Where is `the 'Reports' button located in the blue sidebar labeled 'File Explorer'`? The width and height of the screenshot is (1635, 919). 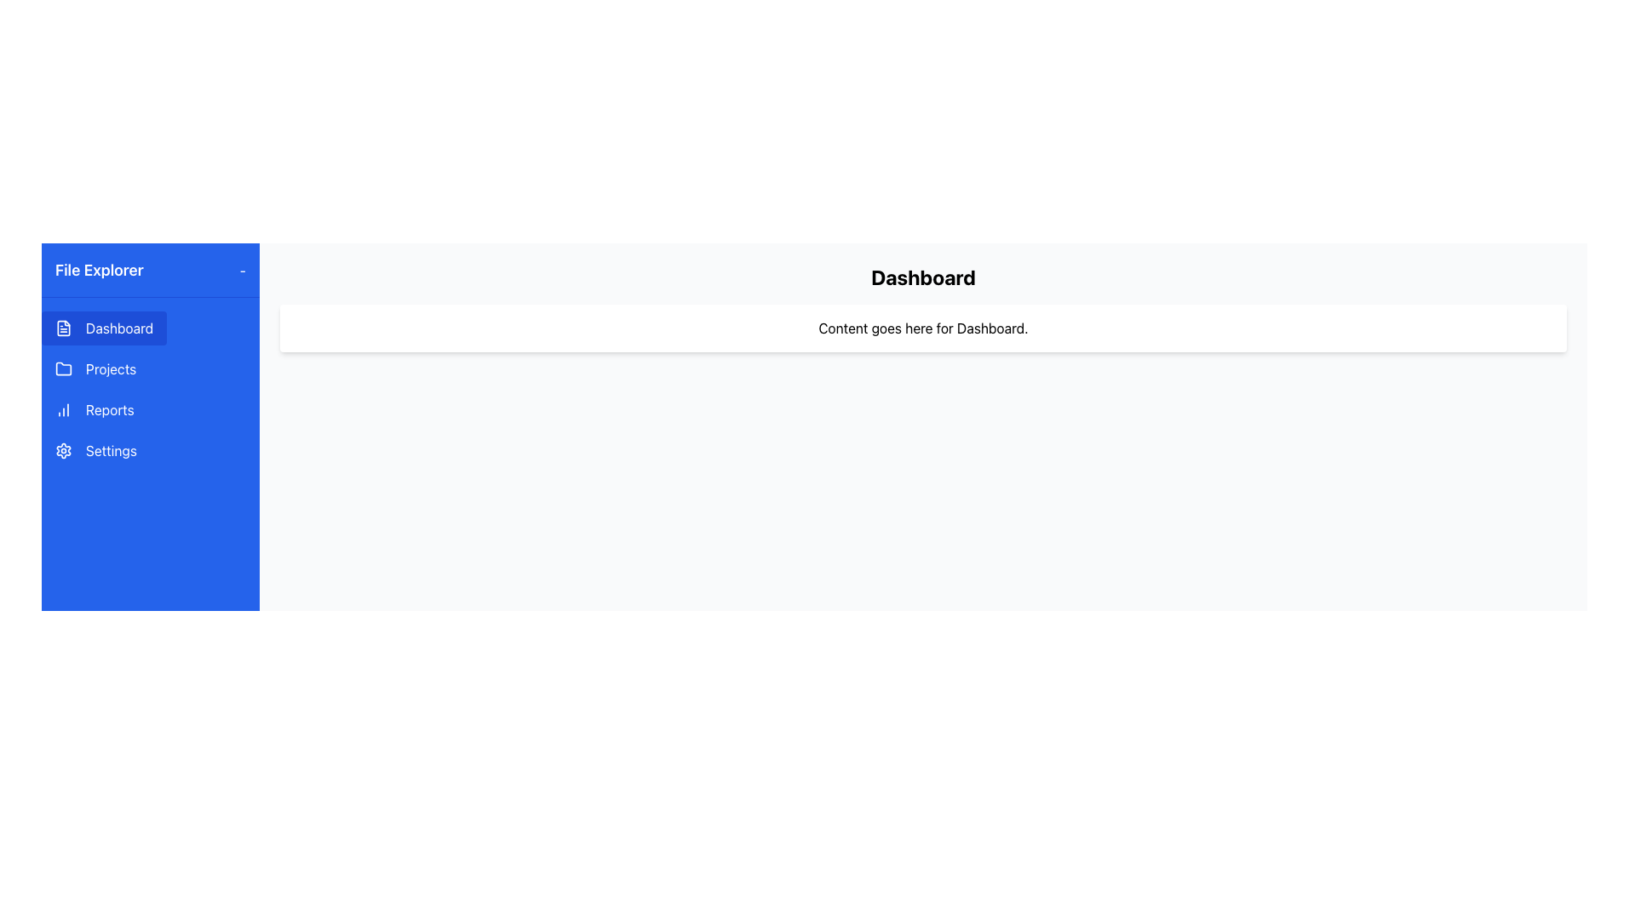
the 'Reports' button located in the blue sidebar labeled 'File Explorer' is located at coordinates (151, 390).